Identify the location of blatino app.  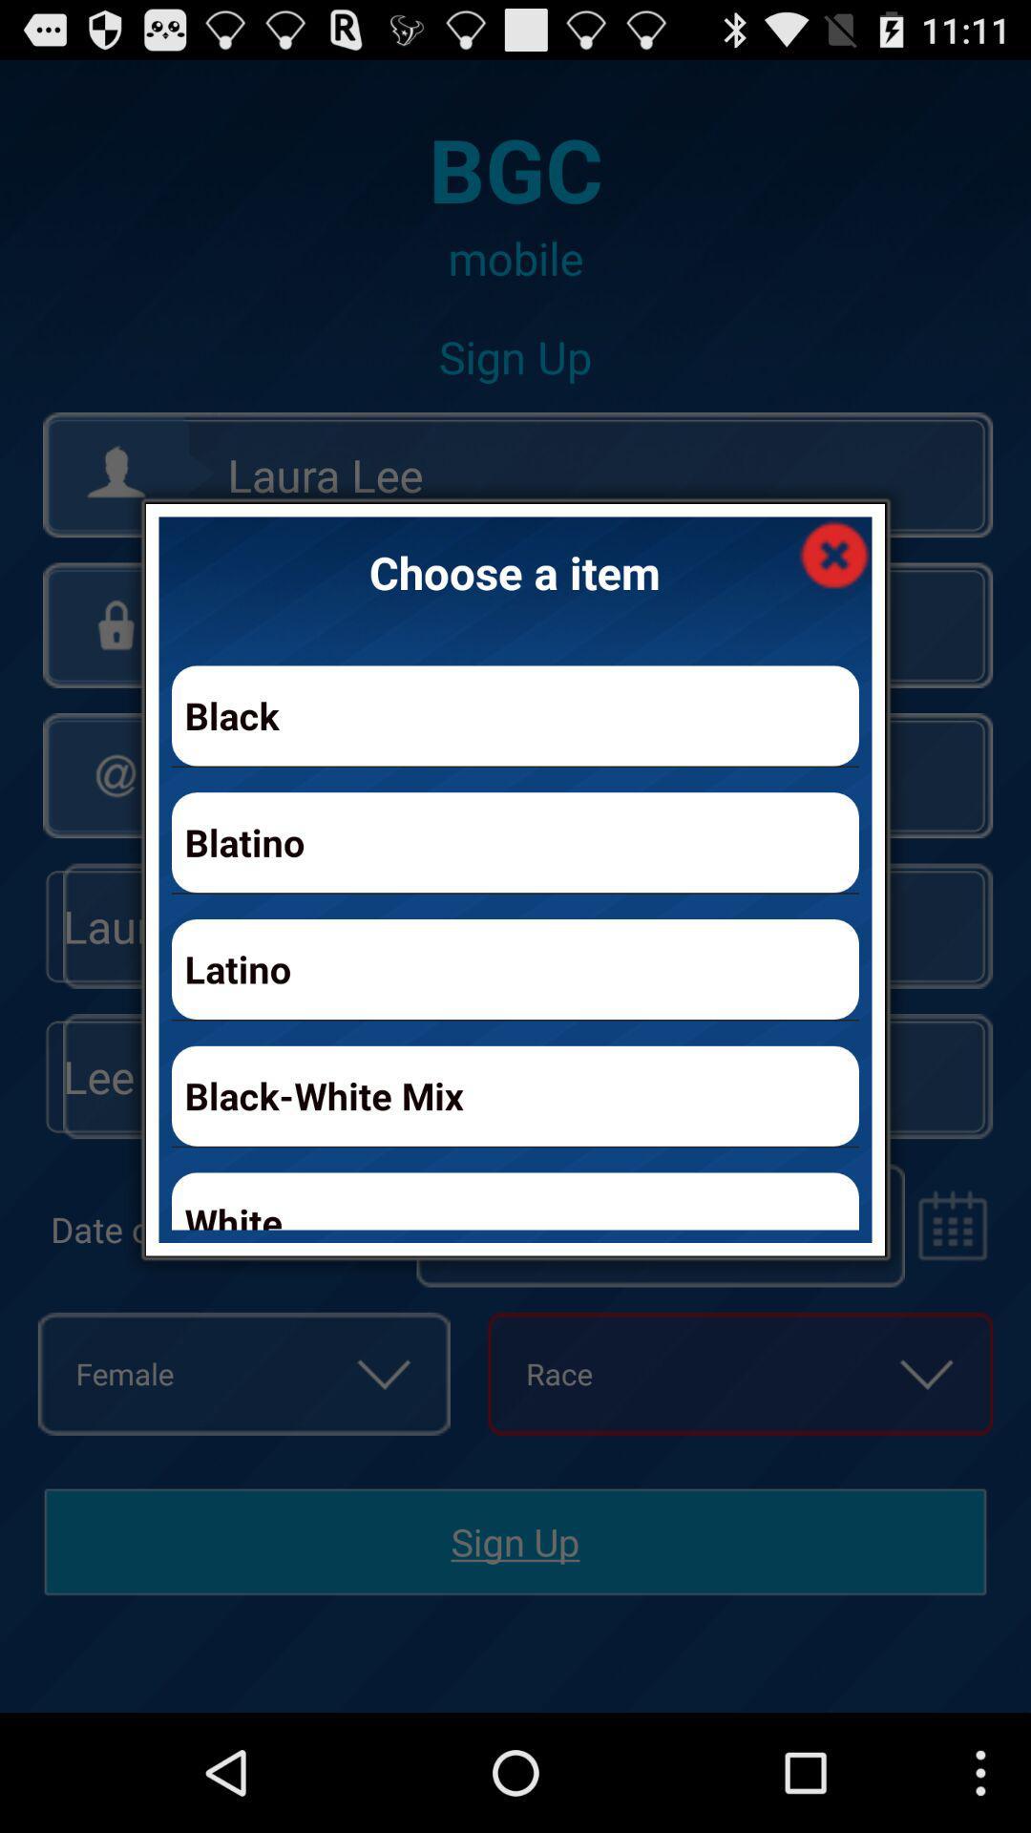
(515, 841).